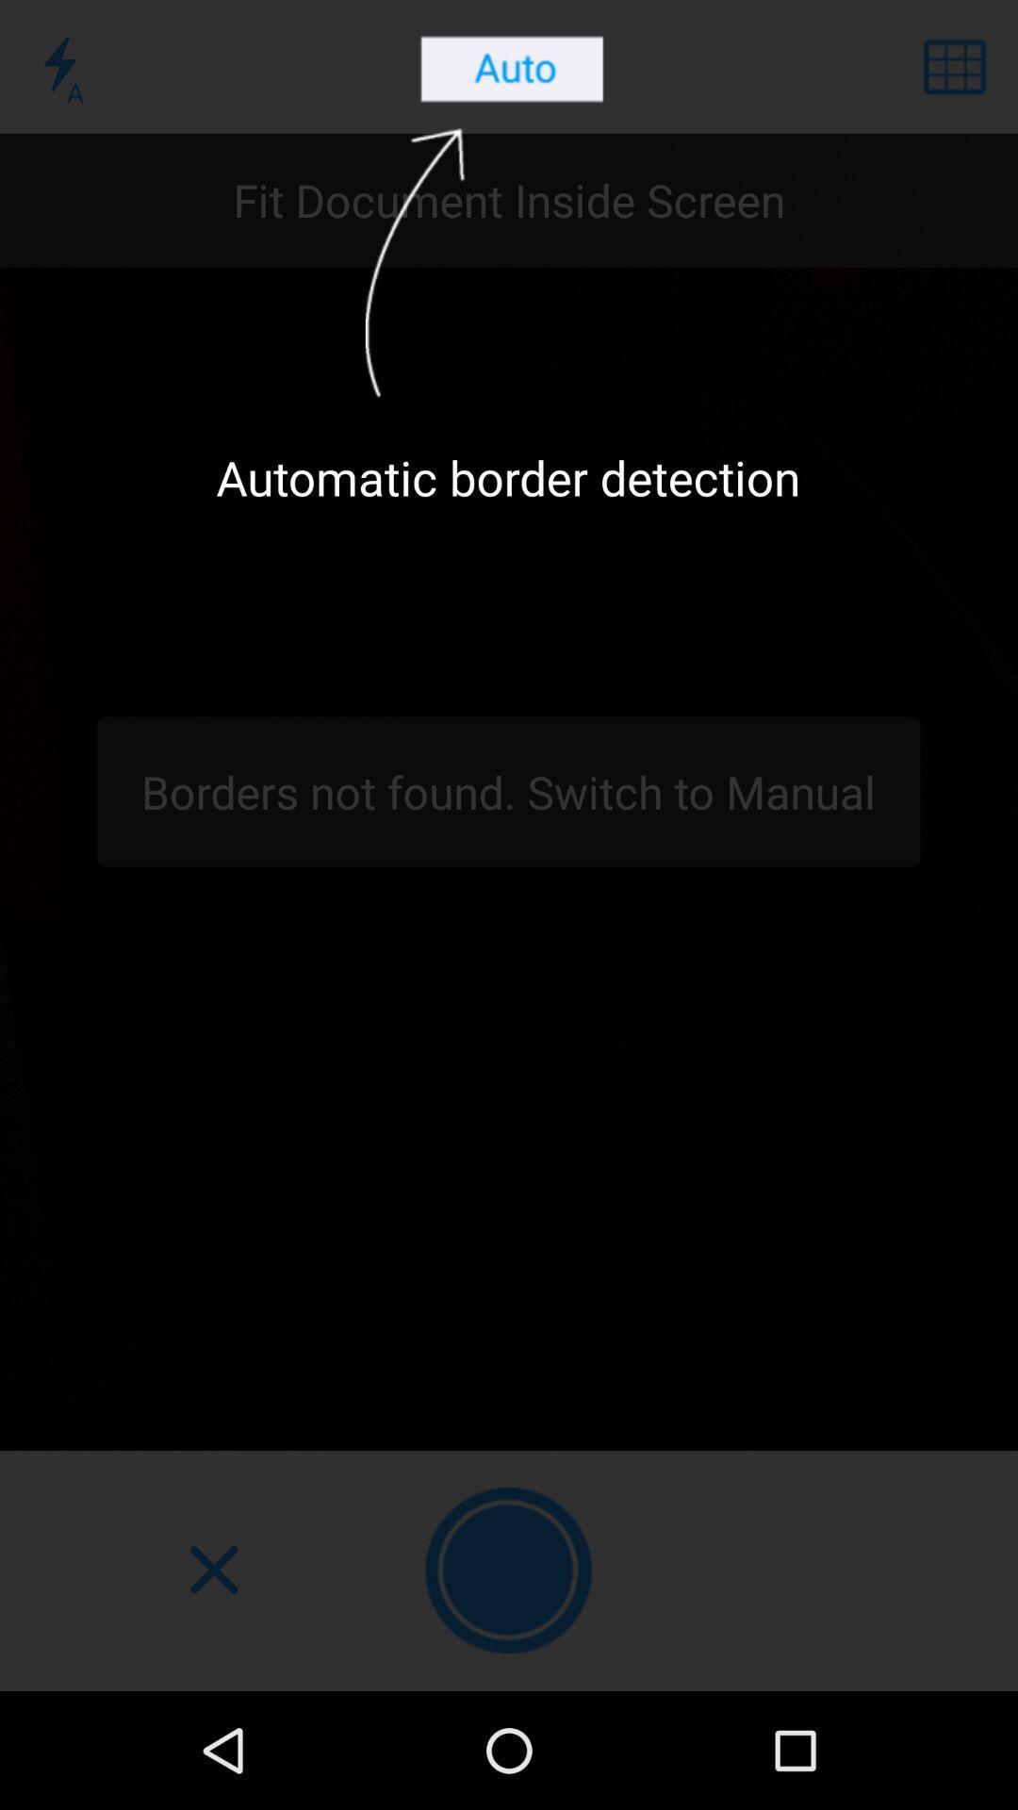 The height and width of the screenshot is (1810, 1018). I want to click on the close icon, so click(212, 1571).